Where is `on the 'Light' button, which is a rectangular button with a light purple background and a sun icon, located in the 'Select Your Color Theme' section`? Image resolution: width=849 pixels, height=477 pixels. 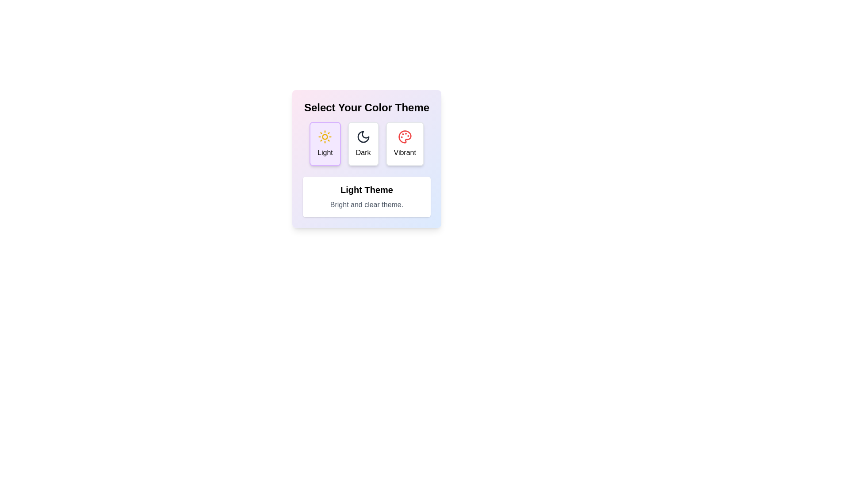 on the 'Light' button, which is a rectangular button with a light purple background and a sun icon, located in the 'Select Your Color Theme' section is located at coordinates (324, 144).